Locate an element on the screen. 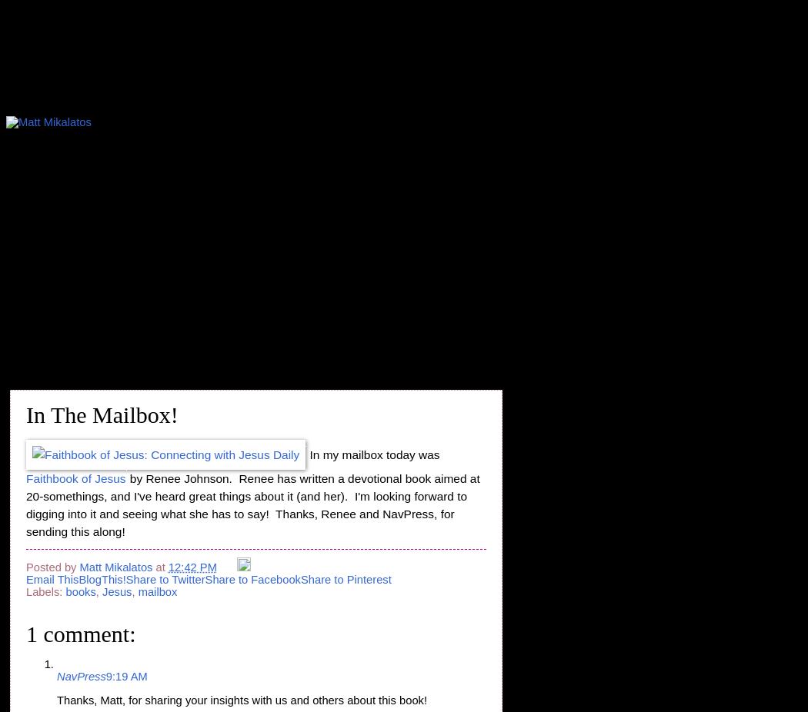 Image resolution: width=808 pixels, height=712 pixels. 'Share to Pinterest' is located at coordinates (344, 579).